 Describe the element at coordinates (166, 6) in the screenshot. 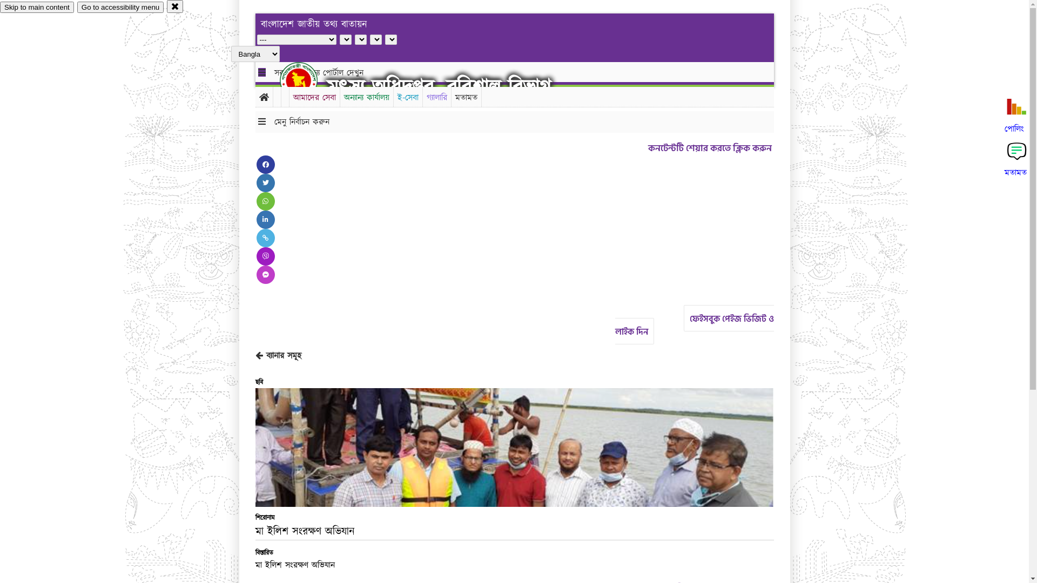

I see `'close'` at that location.